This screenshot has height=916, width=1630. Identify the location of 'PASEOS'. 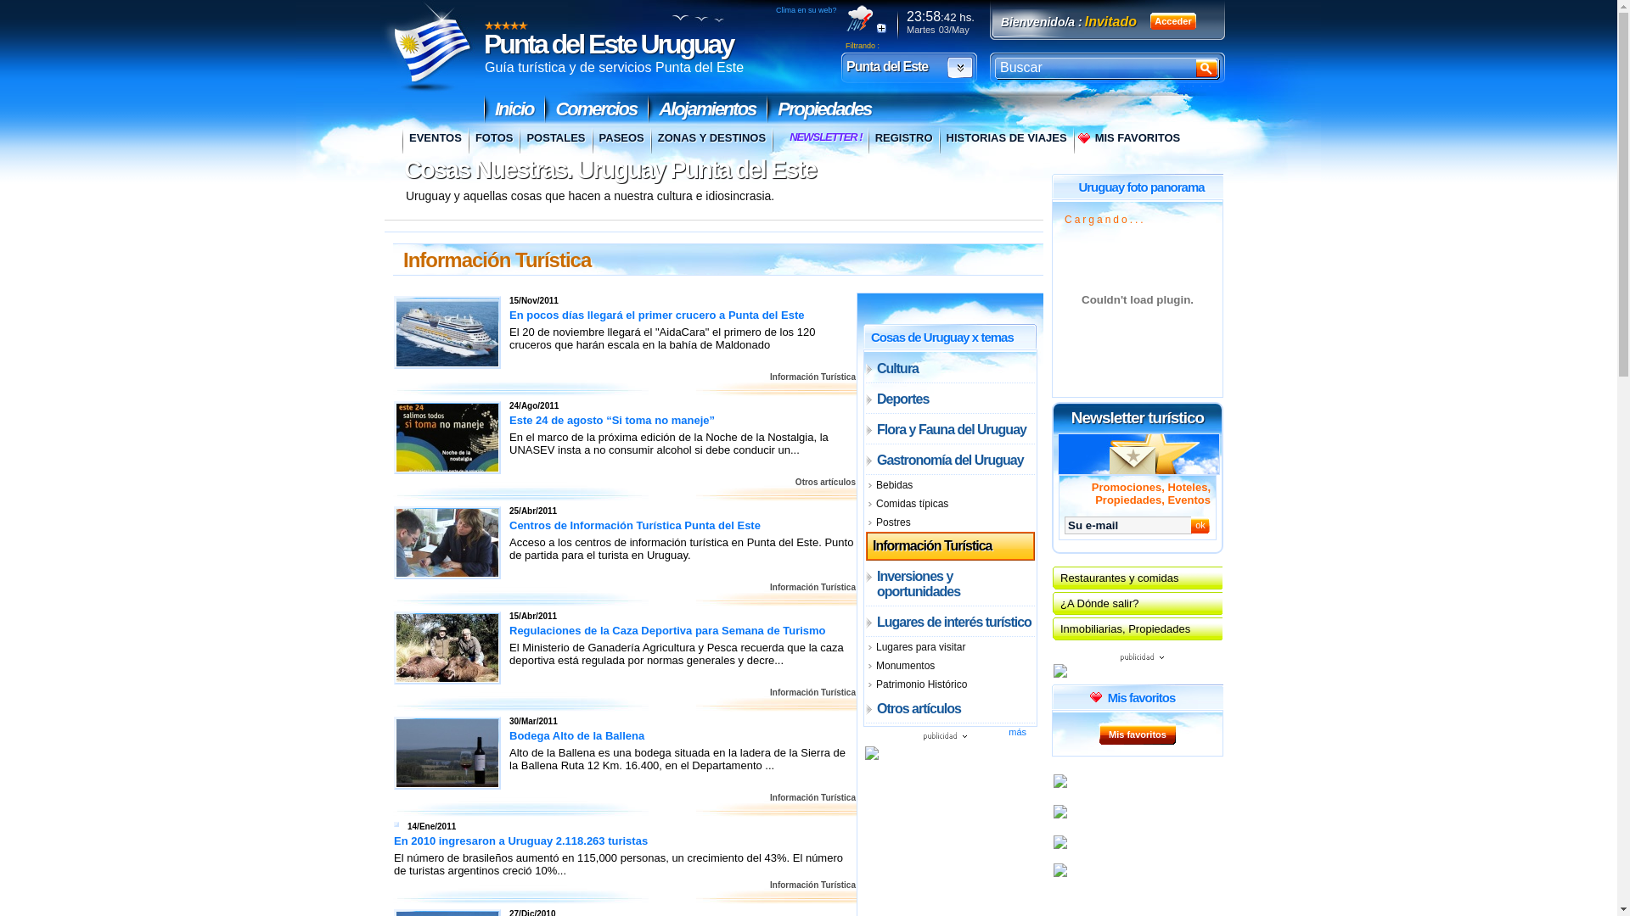
(620, 139).